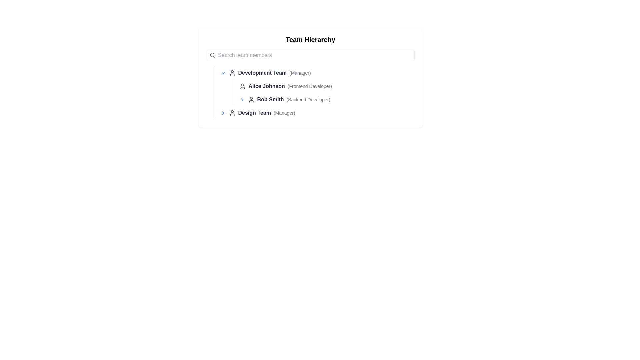  What do you see at coordinates (327, 100) in the screenshot?
I see `the text label displaying 'Bob Smith (Backend Developer)'` at bounding box center [327, 100].